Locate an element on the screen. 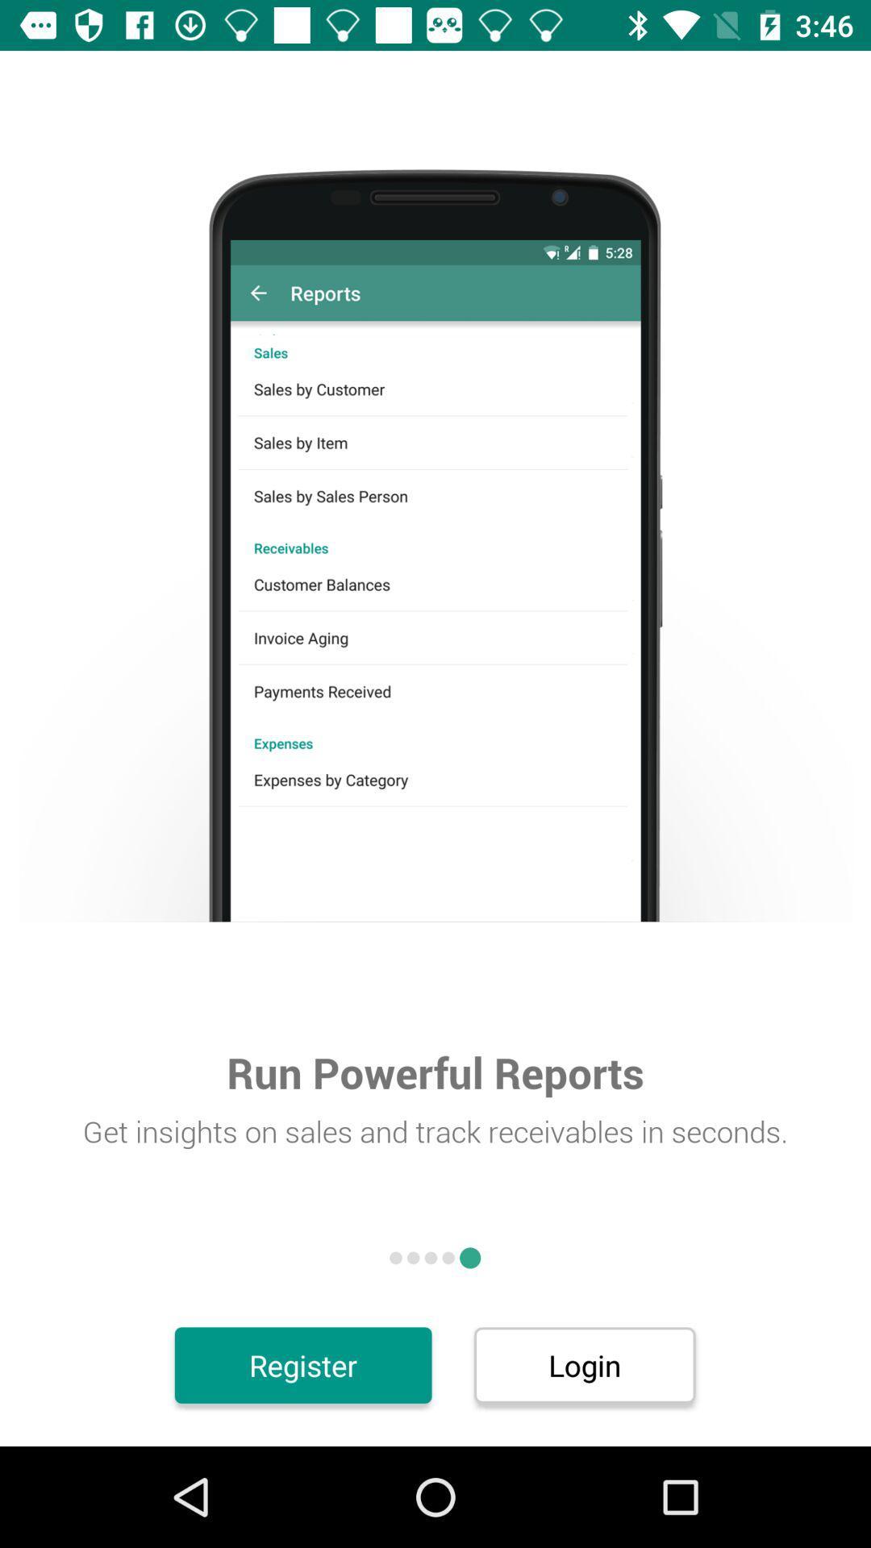  item next to register item is located at coordinates (585, 1364).